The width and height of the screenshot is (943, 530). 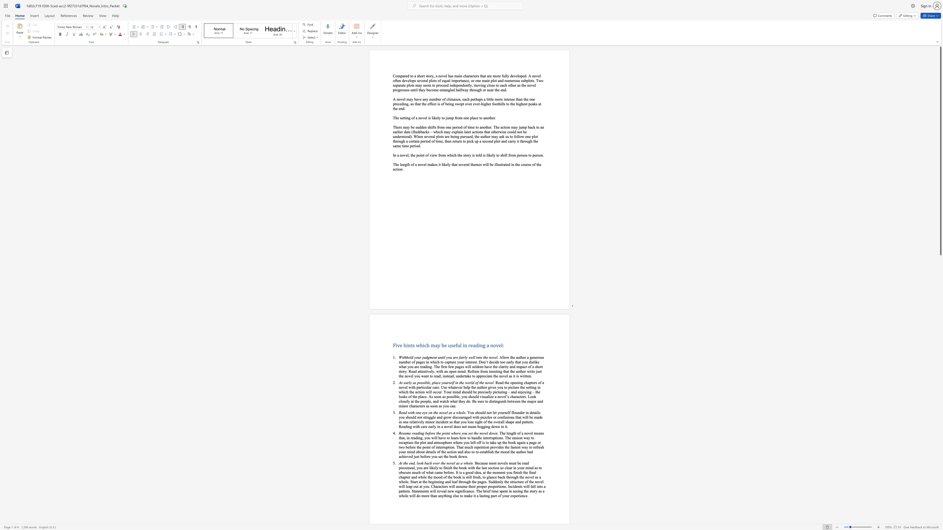 I want to click on the subset text "d minor characters as soon as you c" within the text ". Read the opening chapters of a novel with particular care. Use whatever help the author gives you to picture the setting in which the action will occur. Your mind should be precisely picturing – and enjoying – the looks of the place. As soon as possible, you should visualize a novel’s characters. Look closely at the people, and watch what they do. Be sure to distinguish between the major and minor characters as soon as you can.", so click(x=541, y=401).